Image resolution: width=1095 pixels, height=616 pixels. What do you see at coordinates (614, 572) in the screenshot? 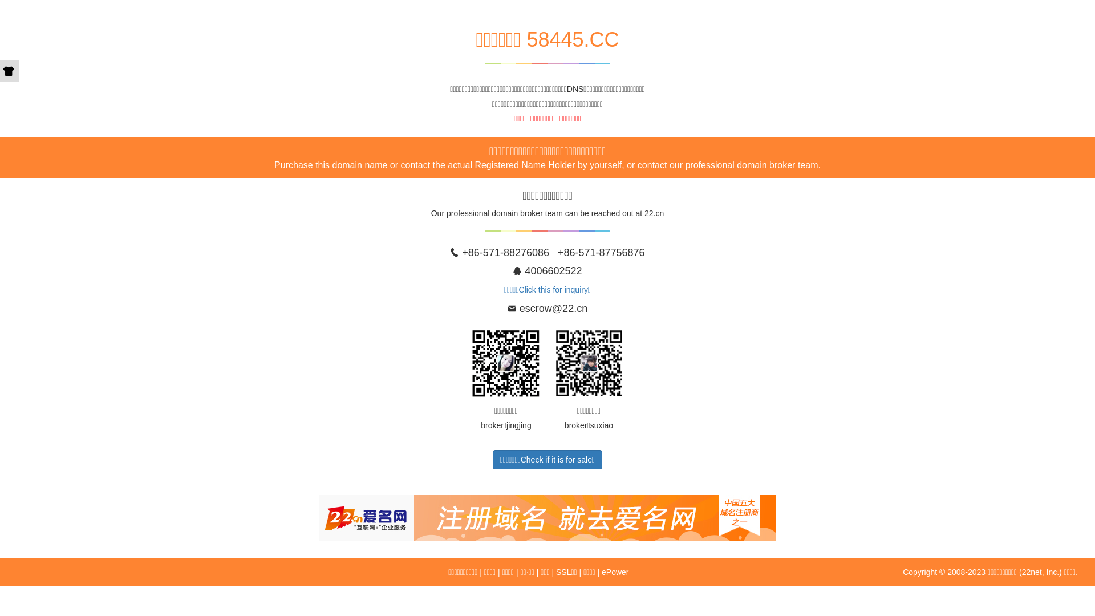
I see `'ePower'` at bounding box center [614, 572].